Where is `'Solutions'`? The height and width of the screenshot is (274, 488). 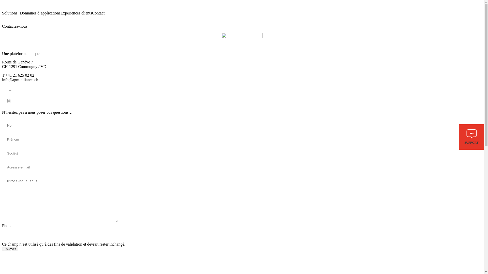 'Solutions' is located at coordinates (11, 13).